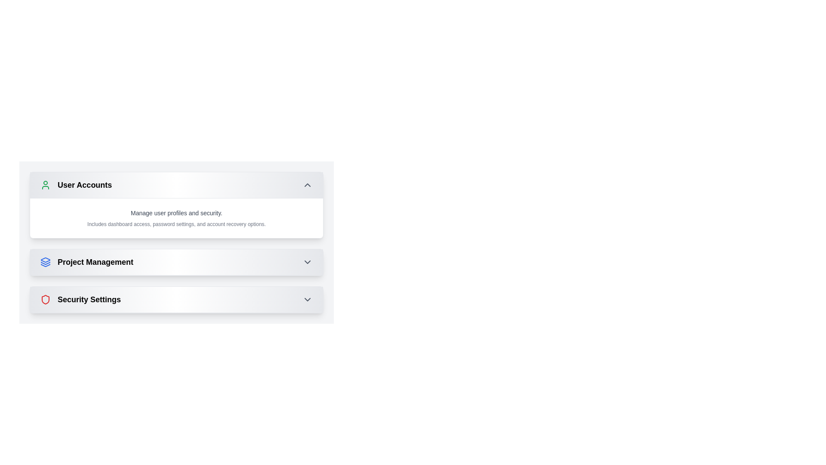 Image resolution: width=826 pixels, height=465 pixels. What do you see at coordinates (176, 223) in the screenshot?
I see `the informational label located beneath the heading 'Manage user profiles and security' in the 'User Accounts' section` at bounding box center [176, 223].